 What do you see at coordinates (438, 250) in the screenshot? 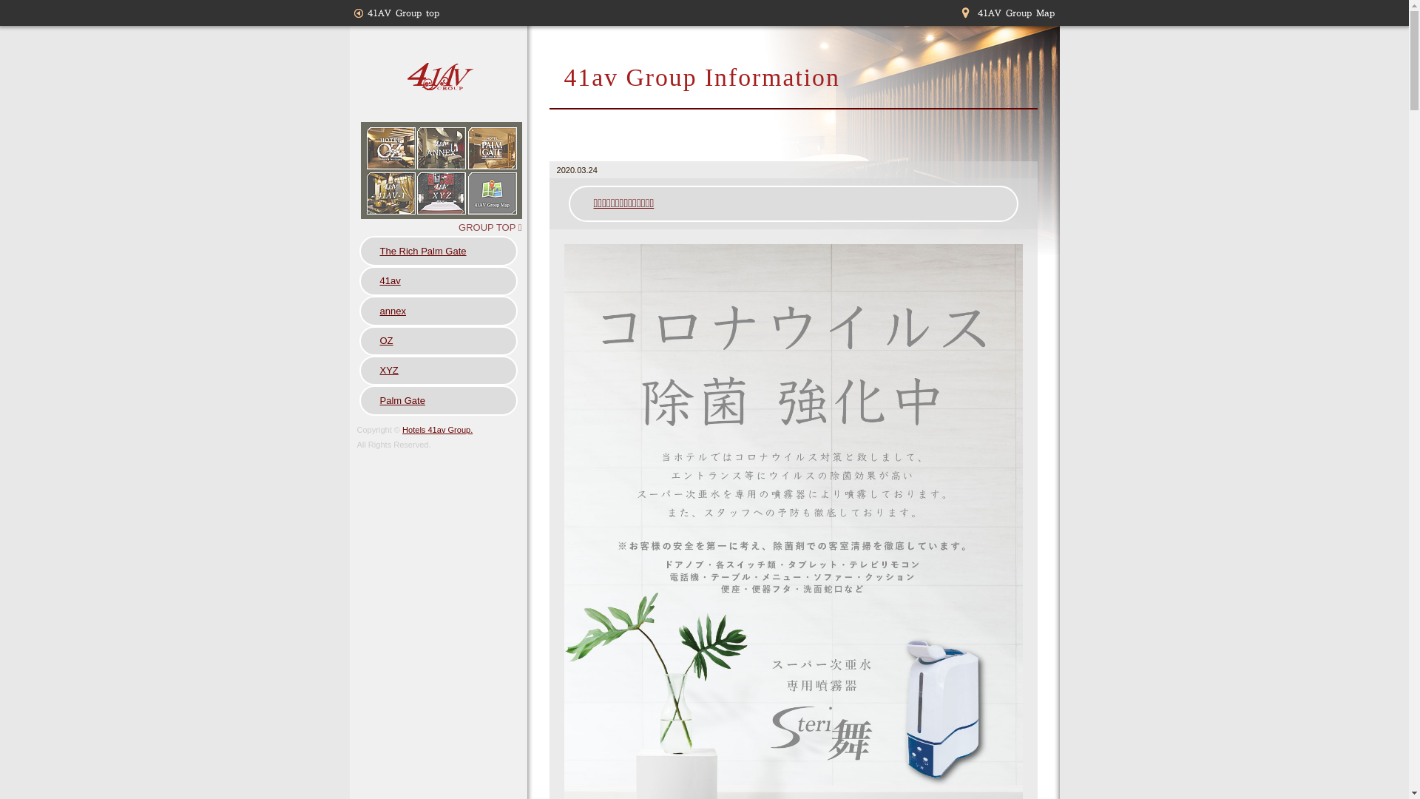
I see `'The Rich Palm Gate'` at bounding box center [438, 250].